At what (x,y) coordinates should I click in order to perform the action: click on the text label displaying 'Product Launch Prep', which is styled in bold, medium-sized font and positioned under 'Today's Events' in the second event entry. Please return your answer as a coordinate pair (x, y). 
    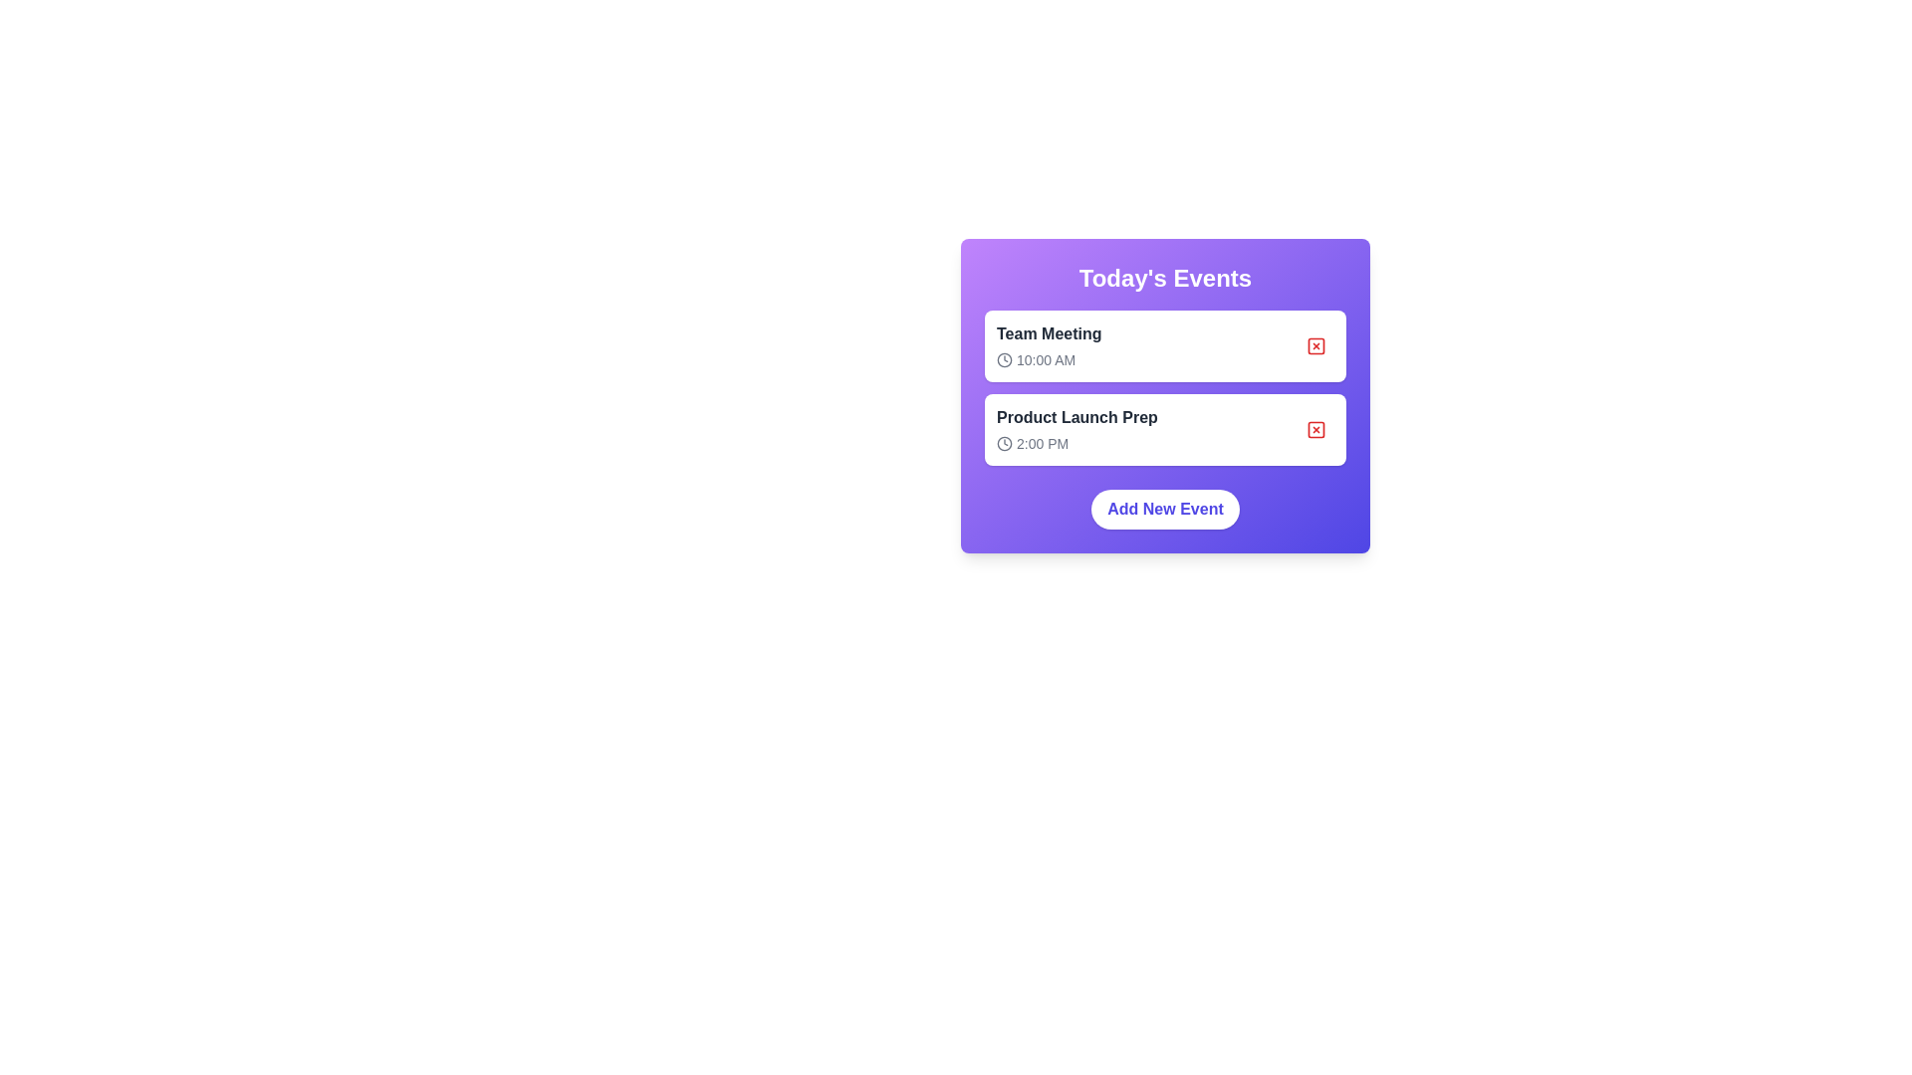
    Looking at the image, I should click on (1075, 417).